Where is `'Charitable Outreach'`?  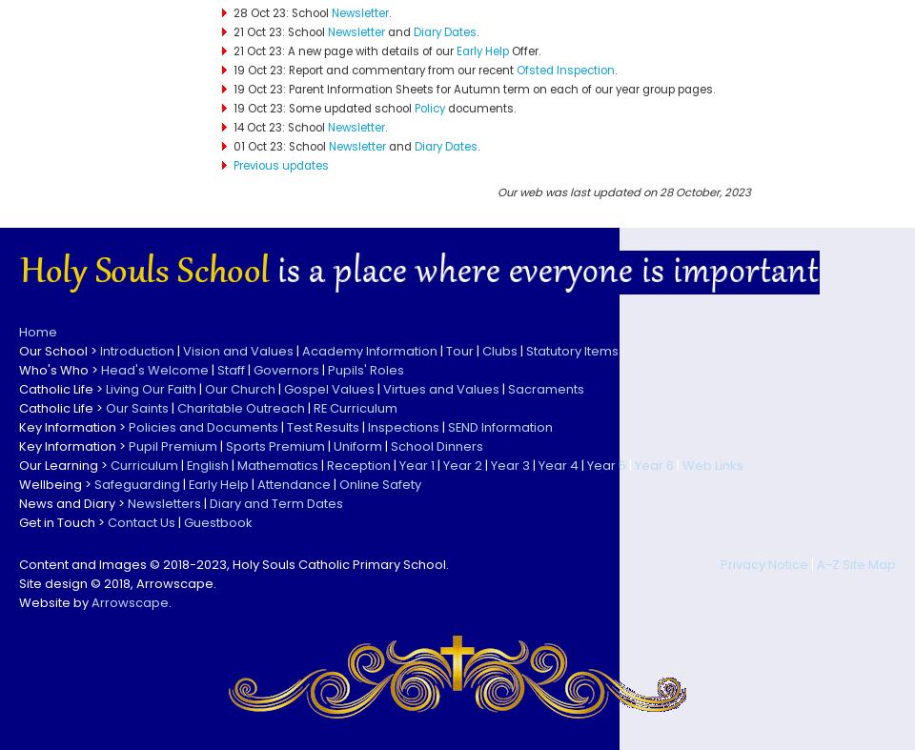 'Charitable Outreach' is located at coordinates (177, 407).